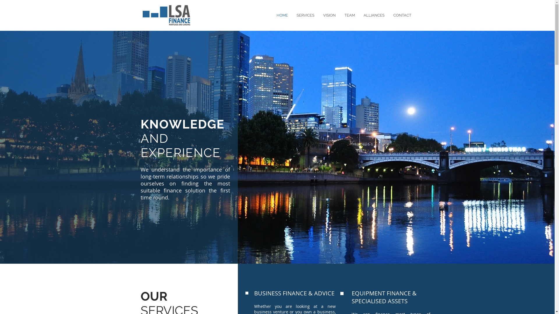  I want to click on 'SERVICES', so click(292, 15).